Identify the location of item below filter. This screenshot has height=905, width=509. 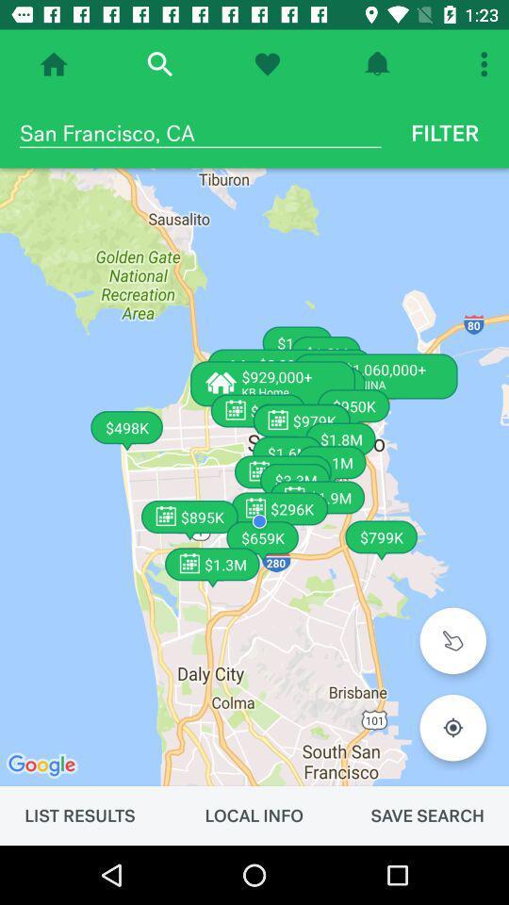
(452, 640).